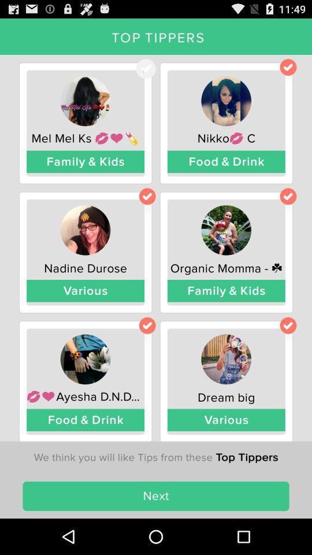 The image size is (312, 555). Describe the element at coordinates (156, 495) in the screenshot. I see `item below the we think you icon` at that location.